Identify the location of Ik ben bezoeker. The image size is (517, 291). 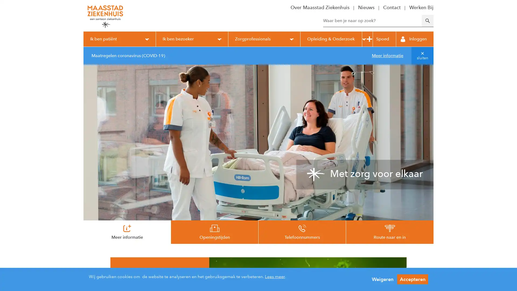
(191, 39).